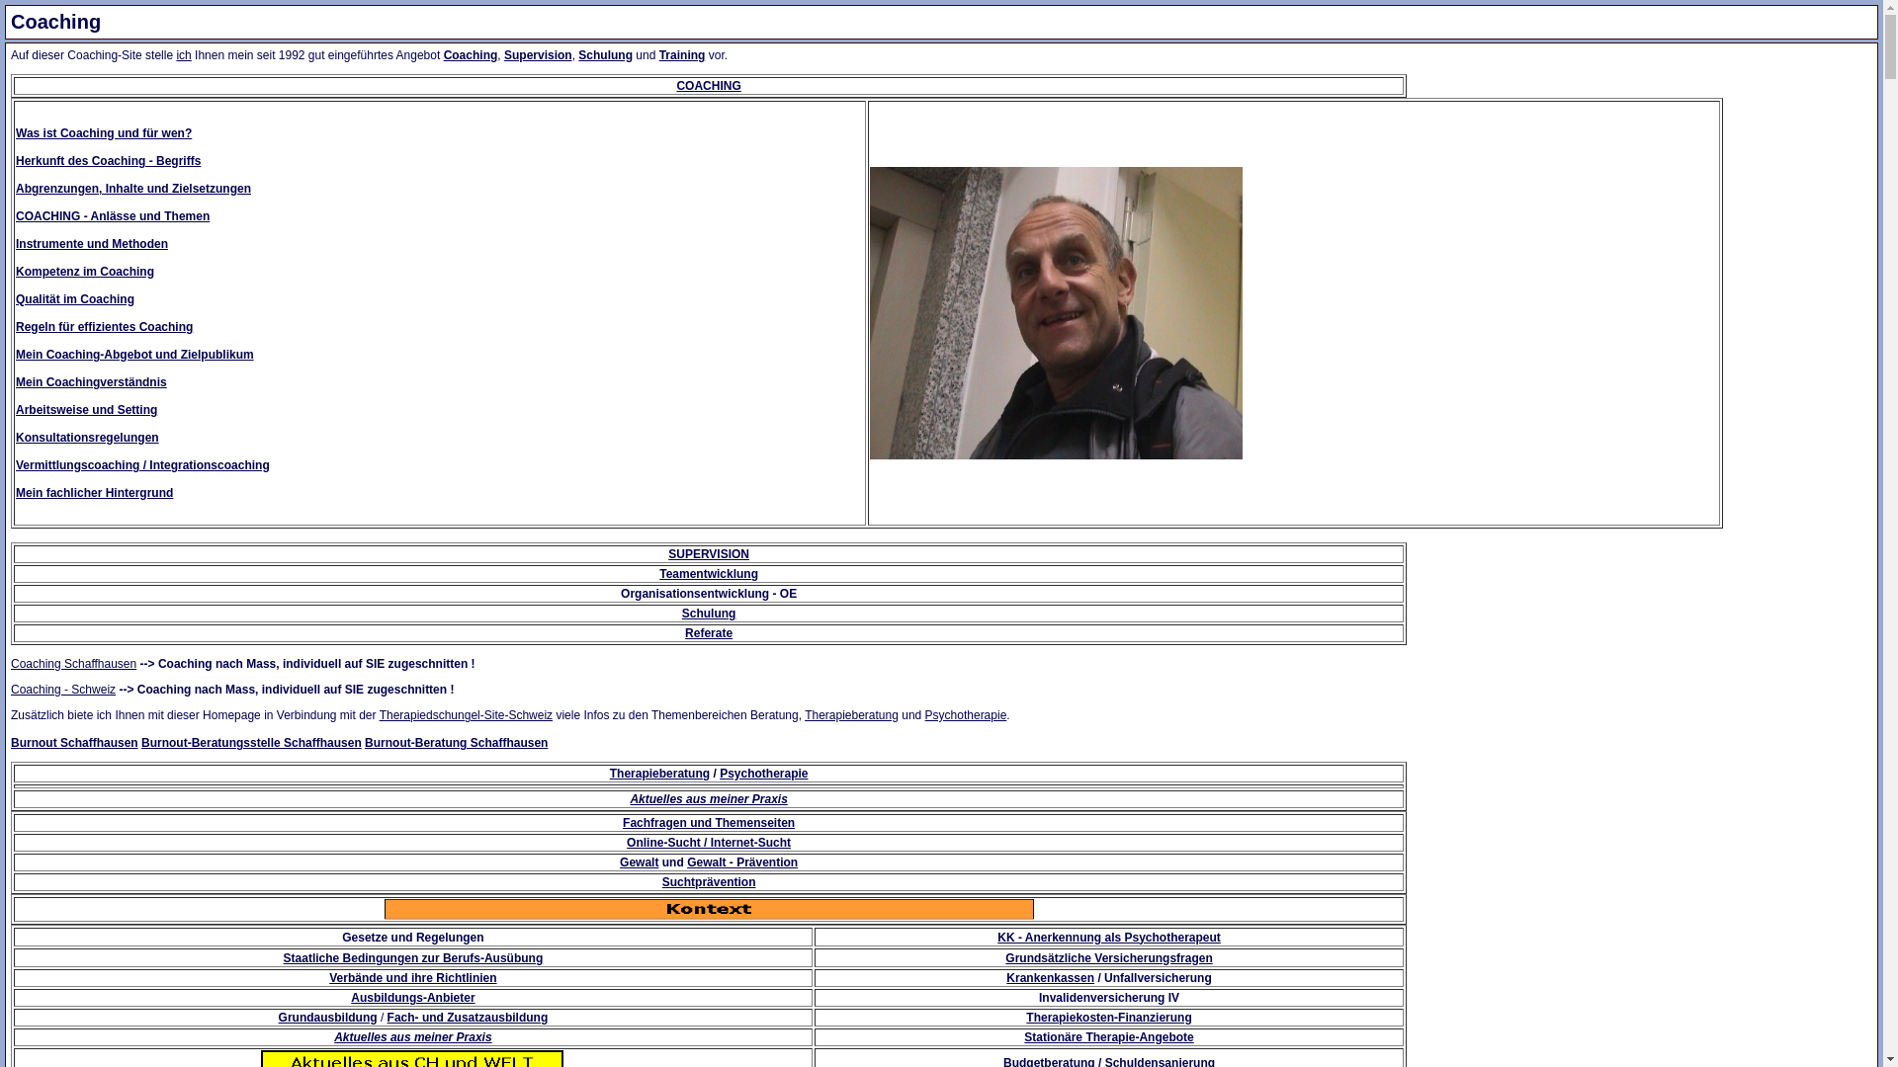  What do you see at coordinates (708, 632) in the screenshot?
I see `'Referate'` at bounding box center [708, 632].